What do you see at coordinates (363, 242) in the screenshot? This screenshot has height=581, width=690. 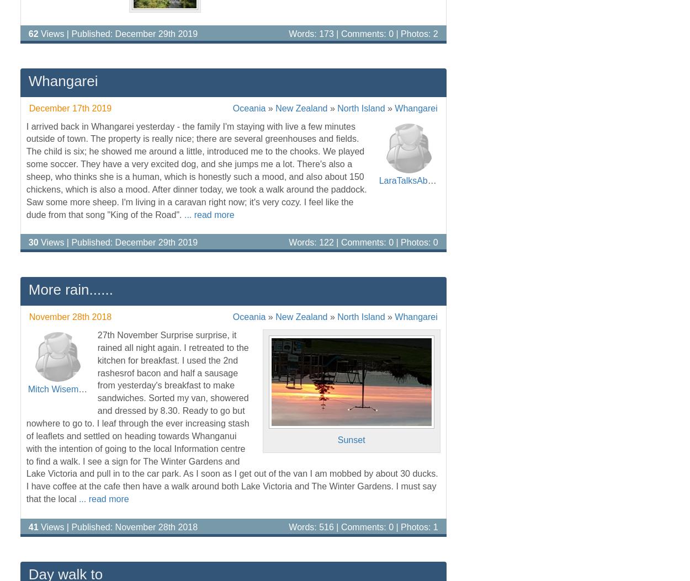 I see `'Words: 122 | Comments: 0 | Photos: 0'` at bounding box center [363, 242].